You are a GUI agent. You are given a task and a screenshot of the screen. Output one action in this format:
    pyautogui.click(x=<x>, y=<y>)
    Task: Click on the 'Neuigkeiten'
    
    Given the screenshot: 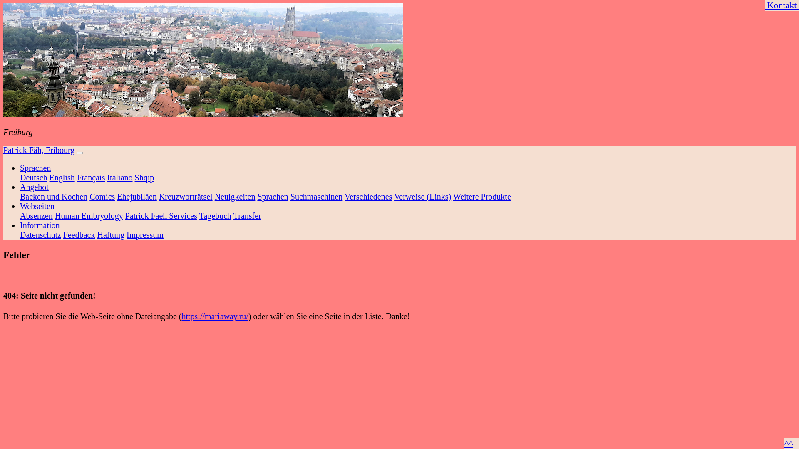 What is the action you would take?
    pyautogui.click(x=214, y=197)
    